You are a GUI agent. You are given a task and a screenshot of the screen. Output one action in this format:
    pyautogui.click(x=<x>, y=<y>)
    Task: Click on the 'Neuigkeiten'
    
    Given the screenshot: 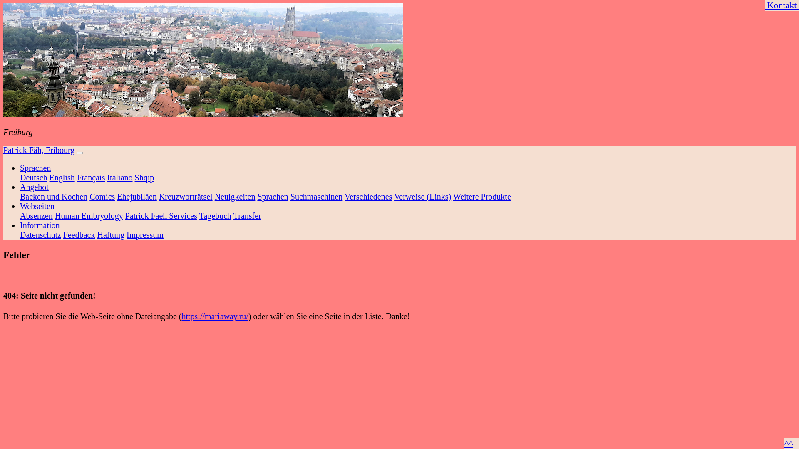 What is the action you would take?
    pyautogui.click(x=214, y=197)
    